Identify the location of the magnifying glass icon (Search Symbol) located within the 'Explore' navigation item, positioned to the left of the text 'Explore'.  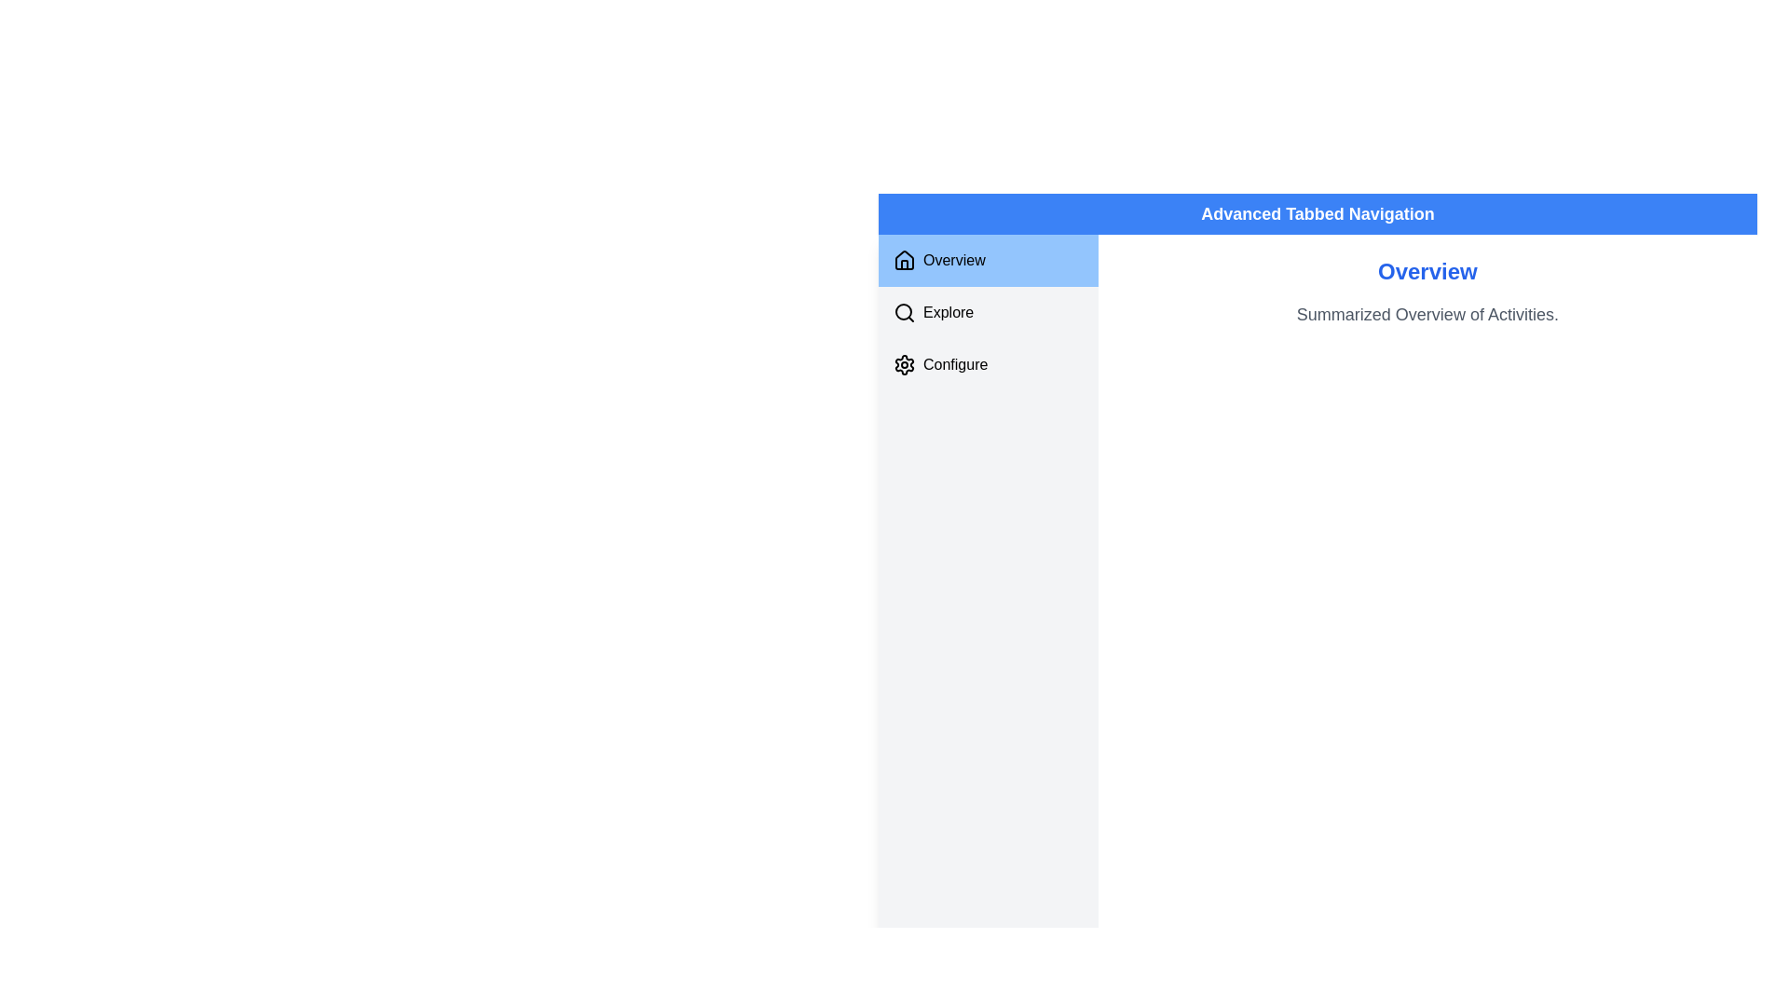
(904, 311).